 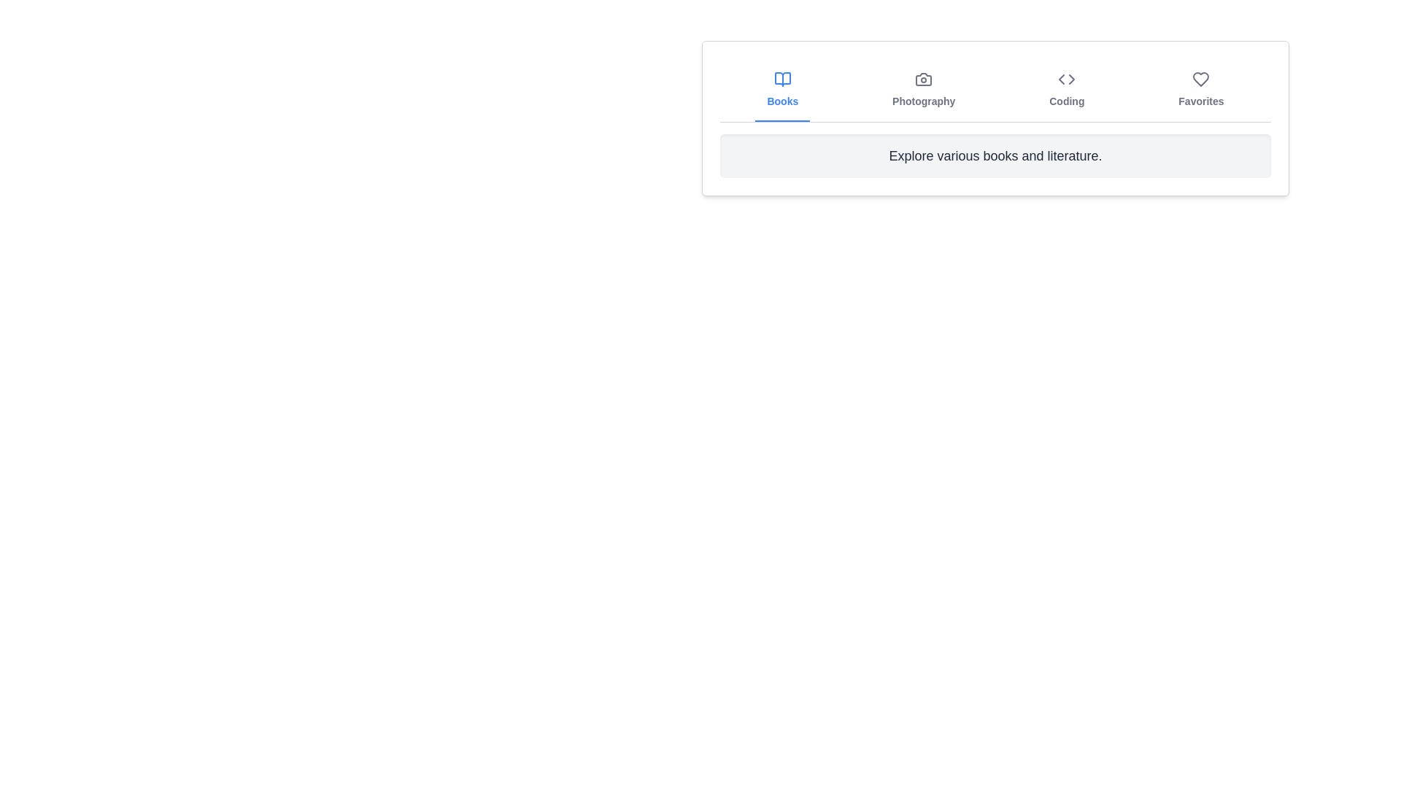 I want to click on the Category selector labeled 'Books' with an open book icon, so click(x=781, y=90).